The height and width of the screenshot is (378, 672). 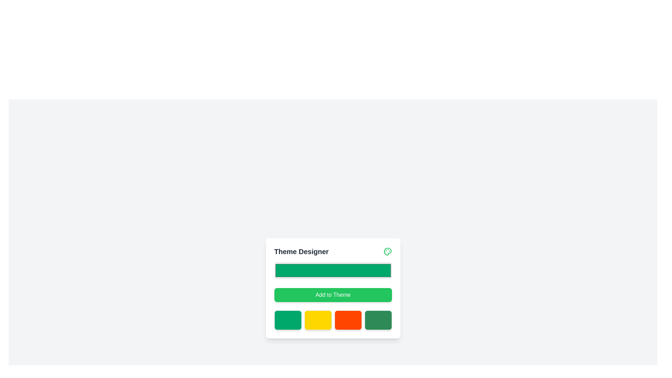 What do you see at coordinates (378, 320) in the screenshot?
I see `the button located at the bottom right of the card, which is the fourth button in a row of four, to trigger a tooltip or highlight effect` at bounding box center [378, 320].